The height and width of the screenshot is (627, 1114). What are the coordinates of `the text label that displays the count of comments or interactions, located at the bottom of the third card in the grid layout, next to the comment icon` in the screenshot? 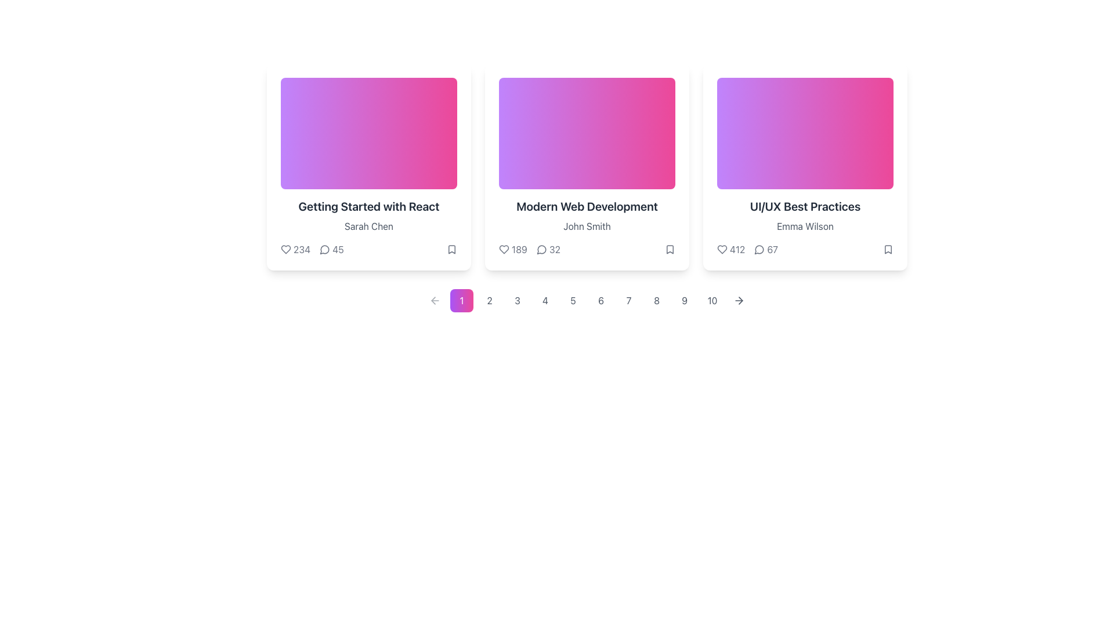 It's located at (772, 248).